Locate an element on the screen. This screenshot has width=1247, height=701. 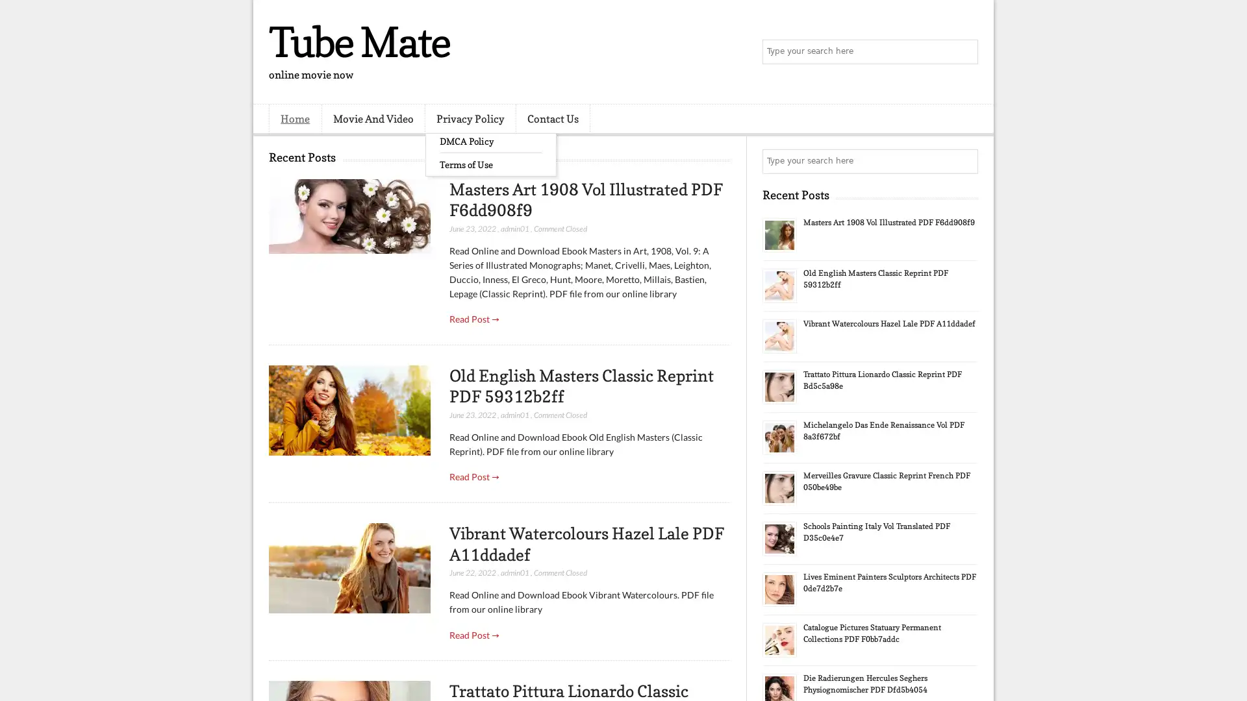
Search is located at coordinates (964, 161).